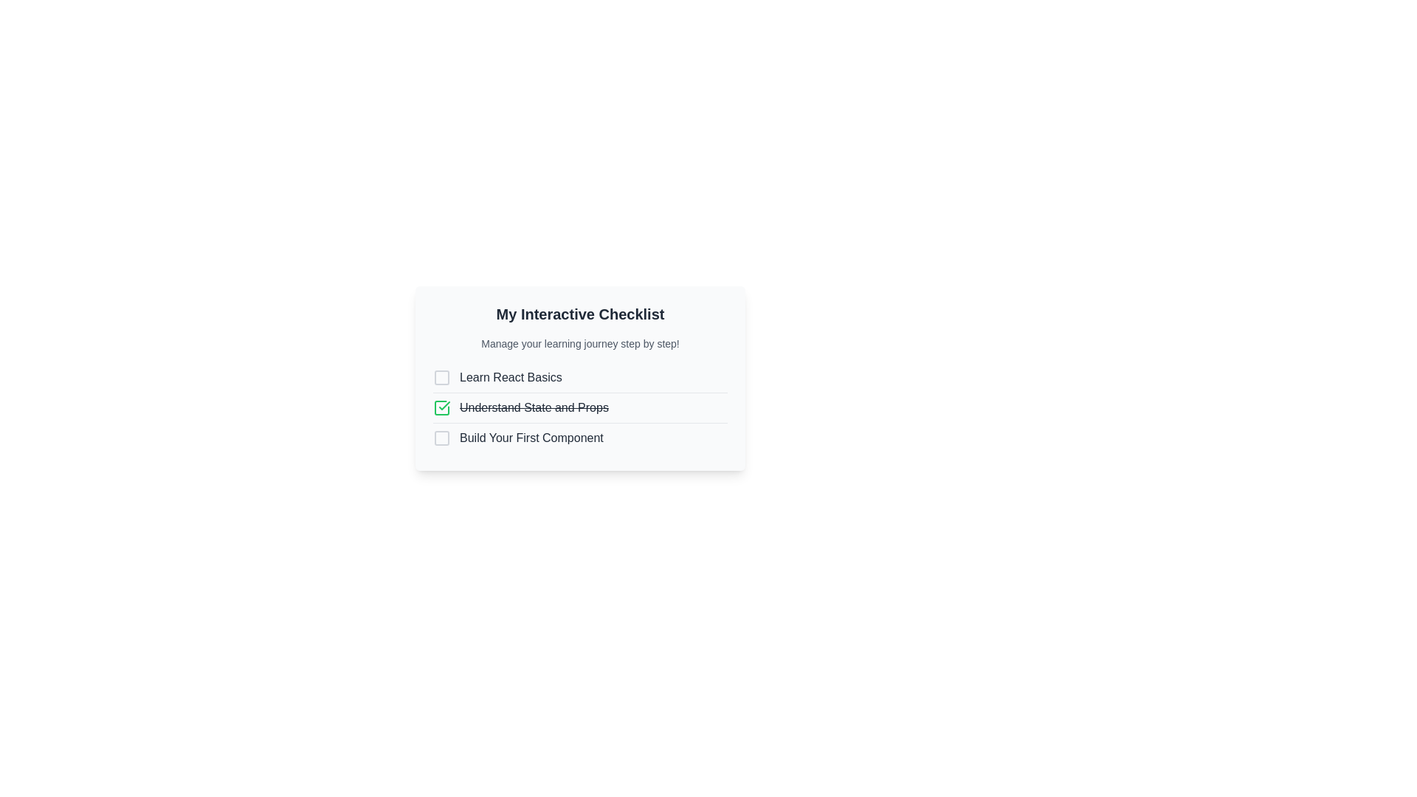  What do you see at coordinates (441, 377) in the screenshot?
I see `the small square SVG Rectangle with rounded corners, located at the top-left corner of the checklist interface before the text 'Learn React Basics.'` at bounding box center [441, 377].